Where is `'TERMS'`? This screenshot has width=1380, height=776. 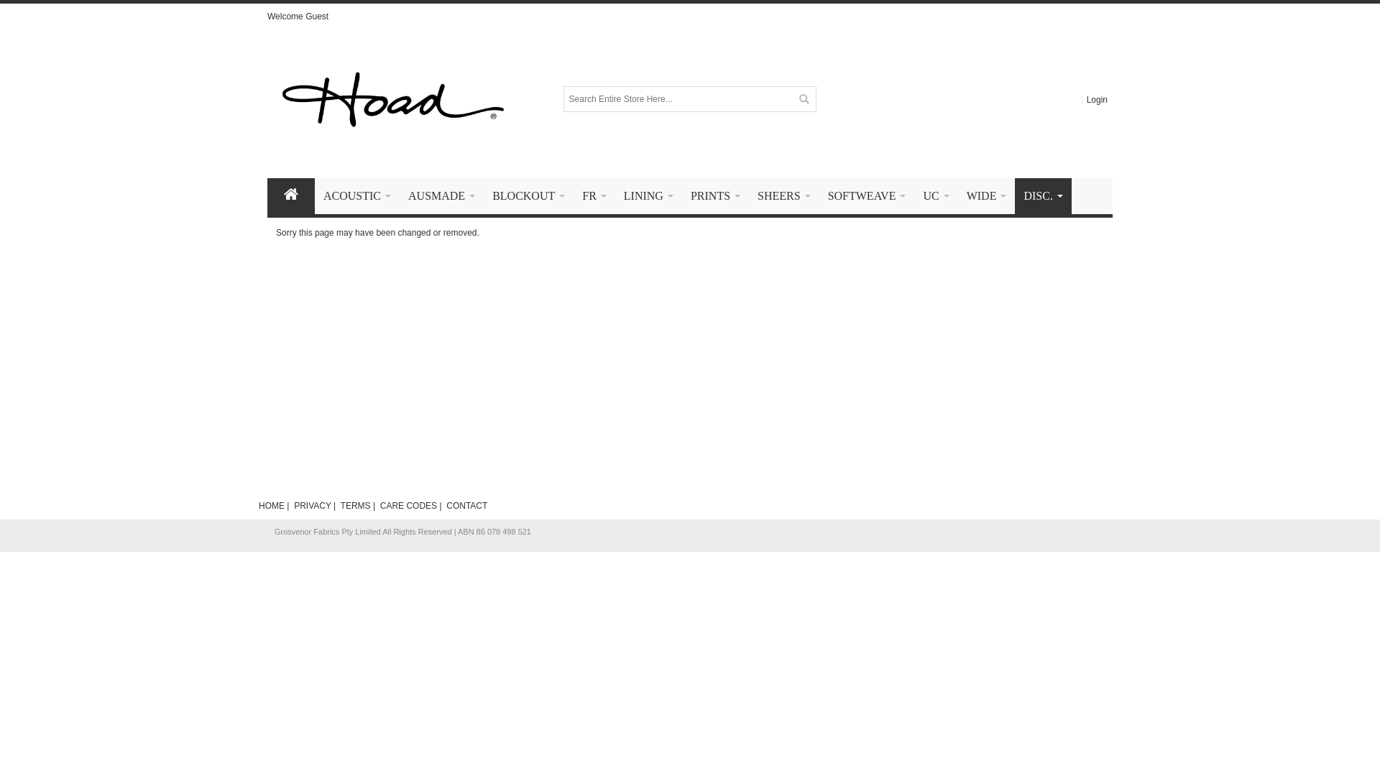 'TERMS' is located at coordinates (355, 505).